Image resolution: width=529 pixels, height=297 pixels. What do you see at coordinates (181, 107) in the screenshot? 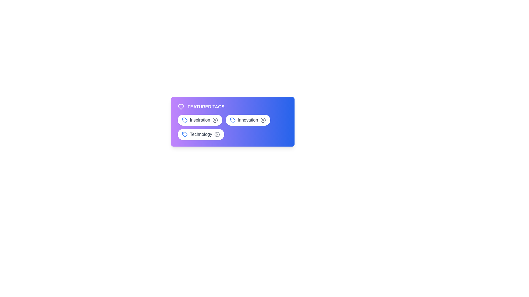
I see `the heart icon located at the far left of the 'Featured Tags' header section` at bounding box center [181, 107].